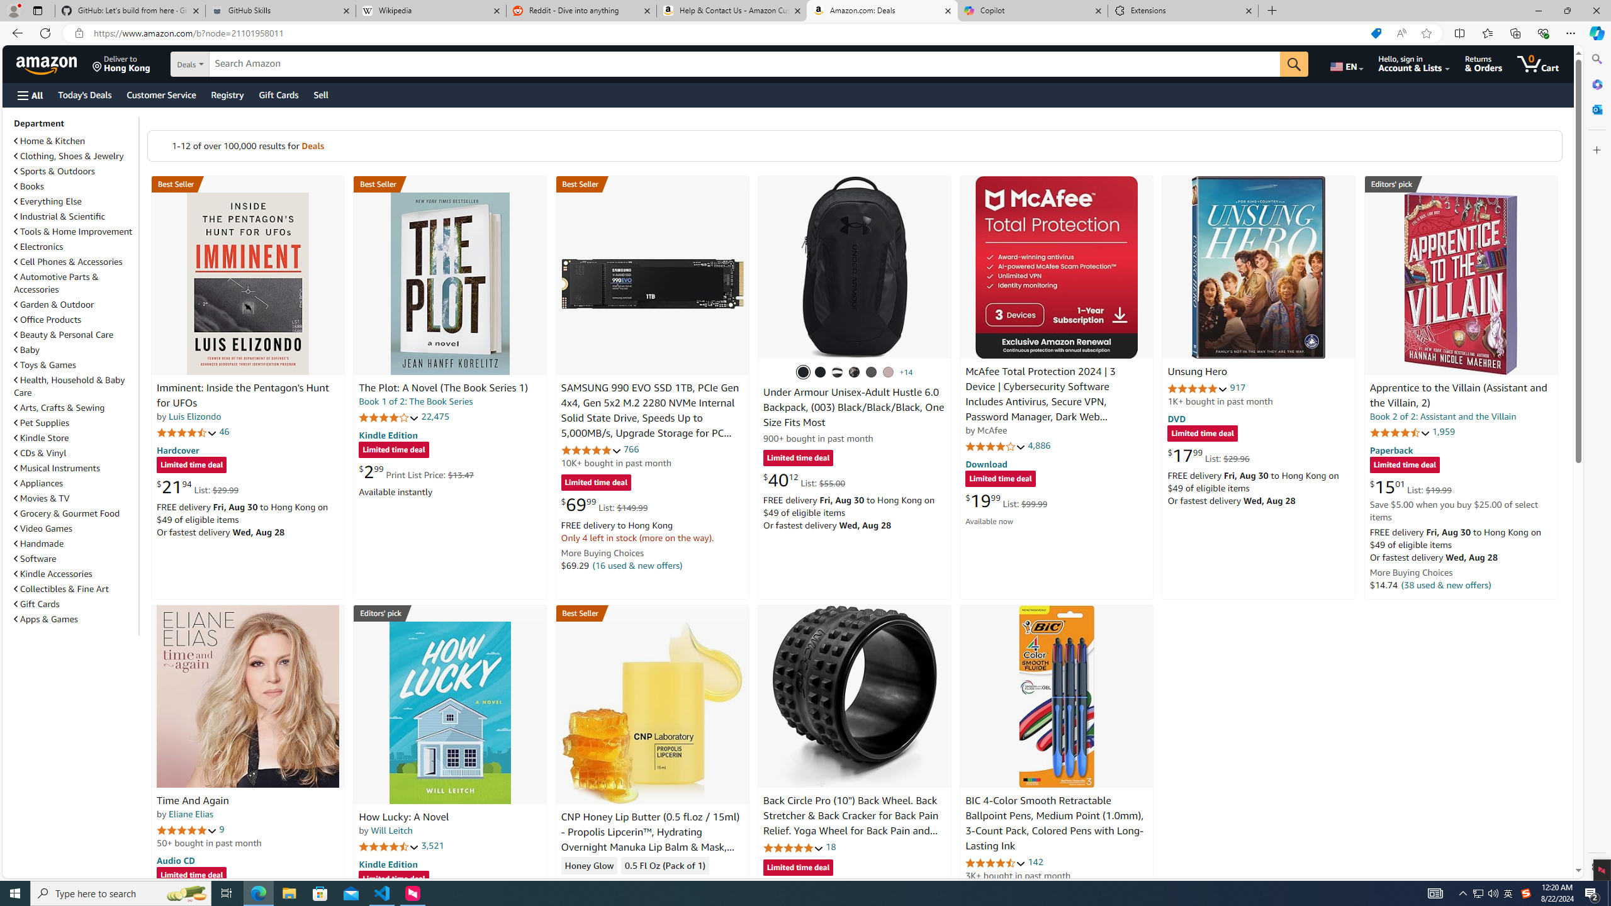 Image resolution: width=1611 pixels, height=906 pixels. What do you see at coordinates (61, 588) in the screenshot?
I see `'Collectibles & Fine Art'` at bounding box center [61, 588].